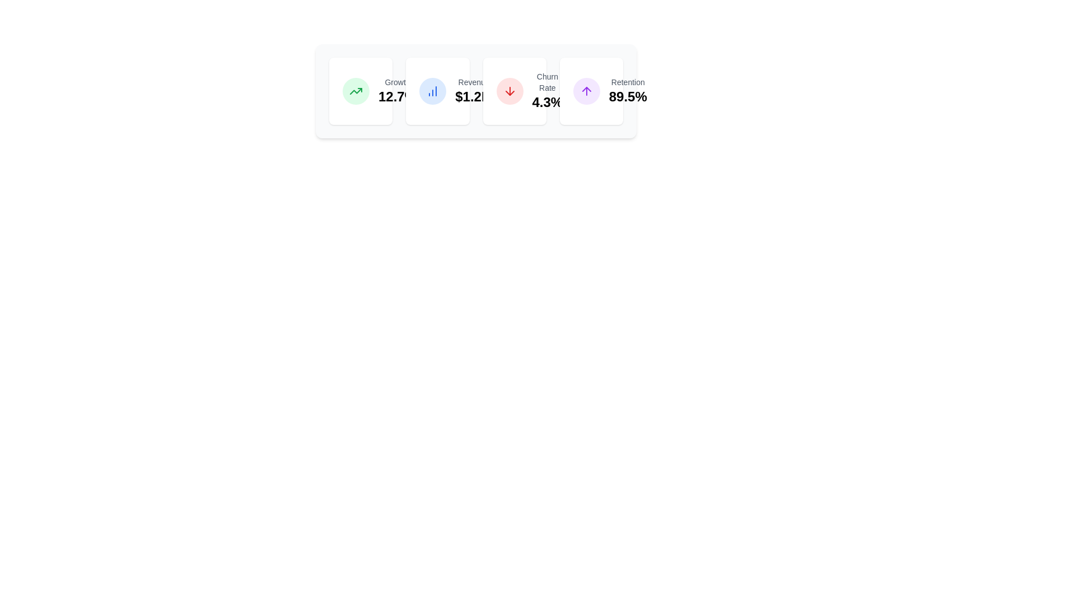  Describe the element at coordinates (586, 90) in the screenshot. I see `the graphical icon representing an upward trend located in the 'Retention' card, which is centrally positioned above the '89.5%' text` at that location.